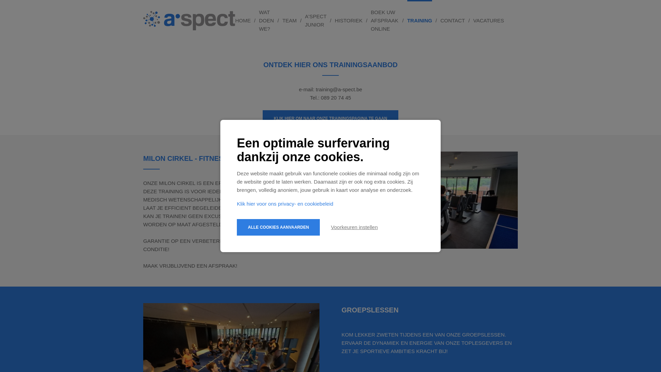 The height and width of the screenshot is (372, 661). Describe the element at coordinates (285, 203) in the screenshot. I see `'Klik hier voor ons privacy- en cookiebeleid'` at that location.